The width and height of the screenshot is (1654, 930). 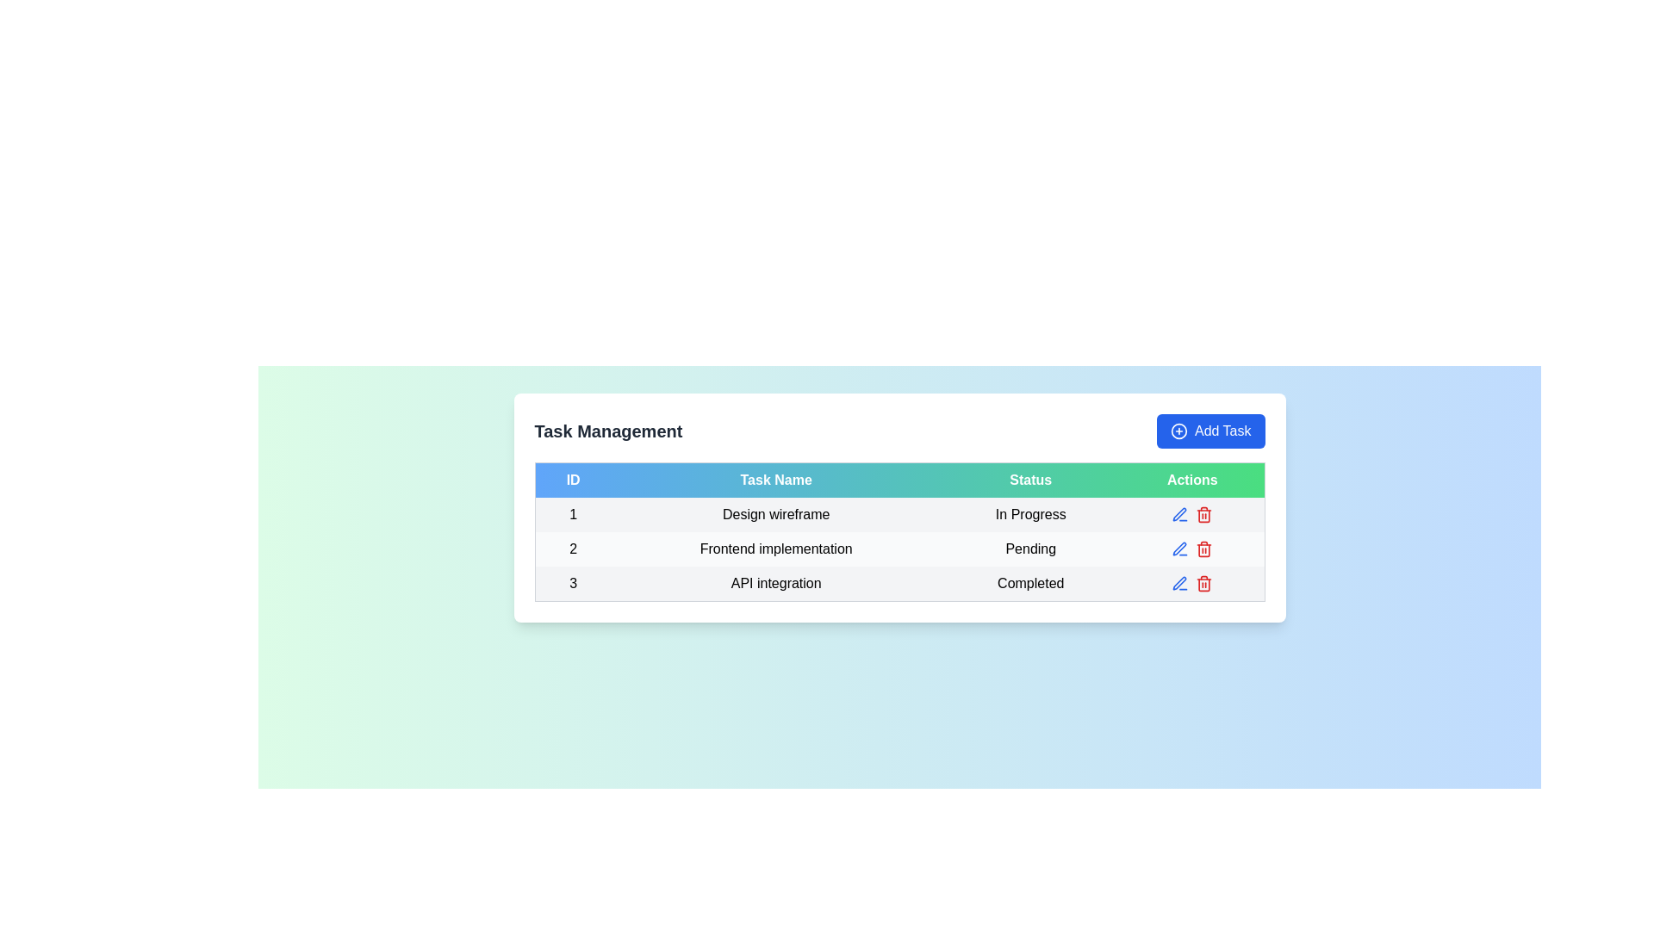 What do you see at coordinates (1191, 479) in the screenshot?
I see `the 'Actions' header, which is a rectangular button-like component with white text on a green background, to comprehend the table's structure` at bounding box center [1191, 479].